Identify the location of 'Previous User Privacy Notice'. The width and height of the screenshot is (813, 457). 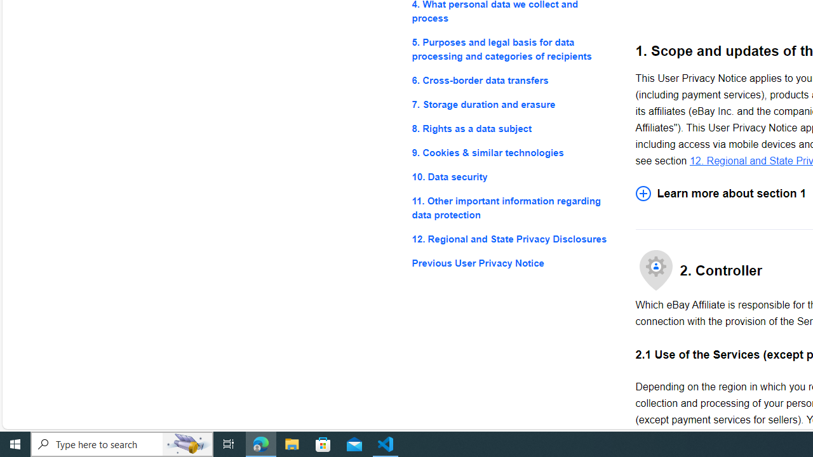
(513, 263).